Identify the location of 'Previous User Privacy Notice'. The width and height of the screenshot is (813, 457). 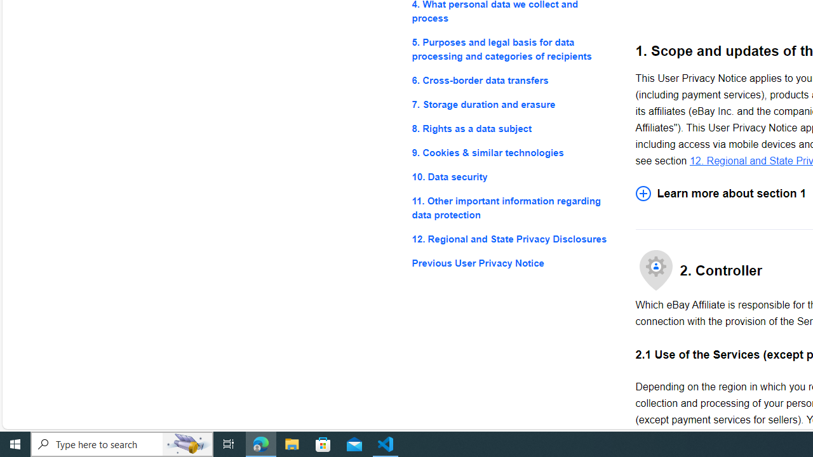
(513, 263).